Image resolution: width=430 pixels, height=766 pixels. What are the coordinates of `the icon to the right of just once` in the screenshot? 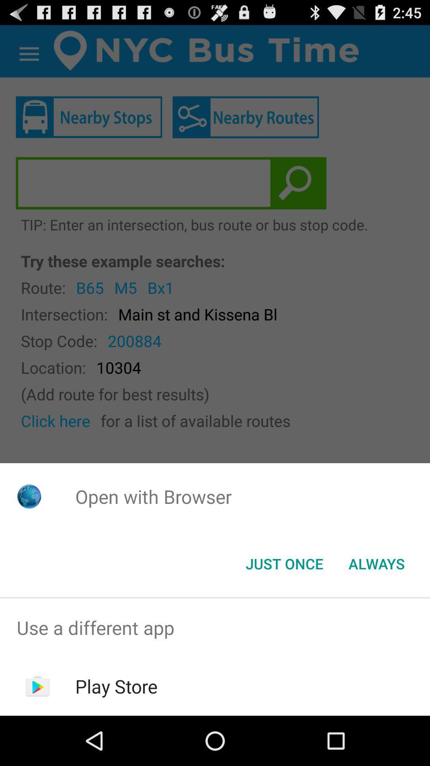 It's located at (376, 563).